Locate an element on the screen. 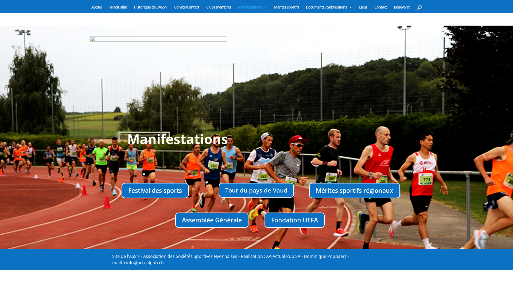 The width and height of the screenshot is (513, 288). 'Festival des sports' is located at coordinates (155, 190).